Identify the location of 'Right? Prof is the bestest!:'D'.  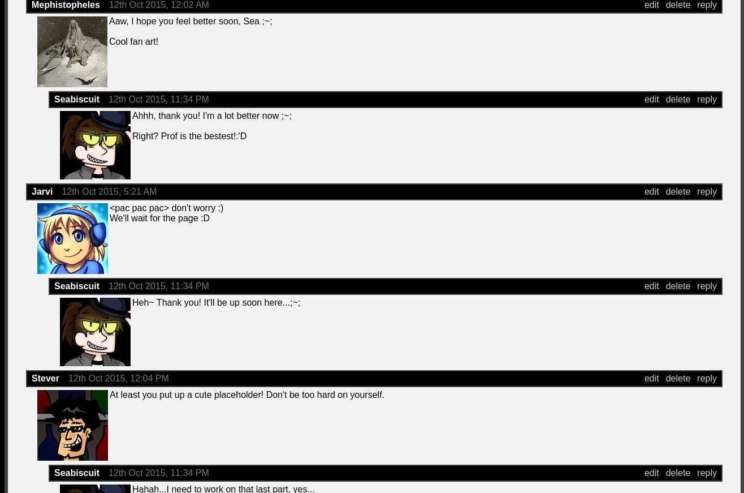
(132, 136).